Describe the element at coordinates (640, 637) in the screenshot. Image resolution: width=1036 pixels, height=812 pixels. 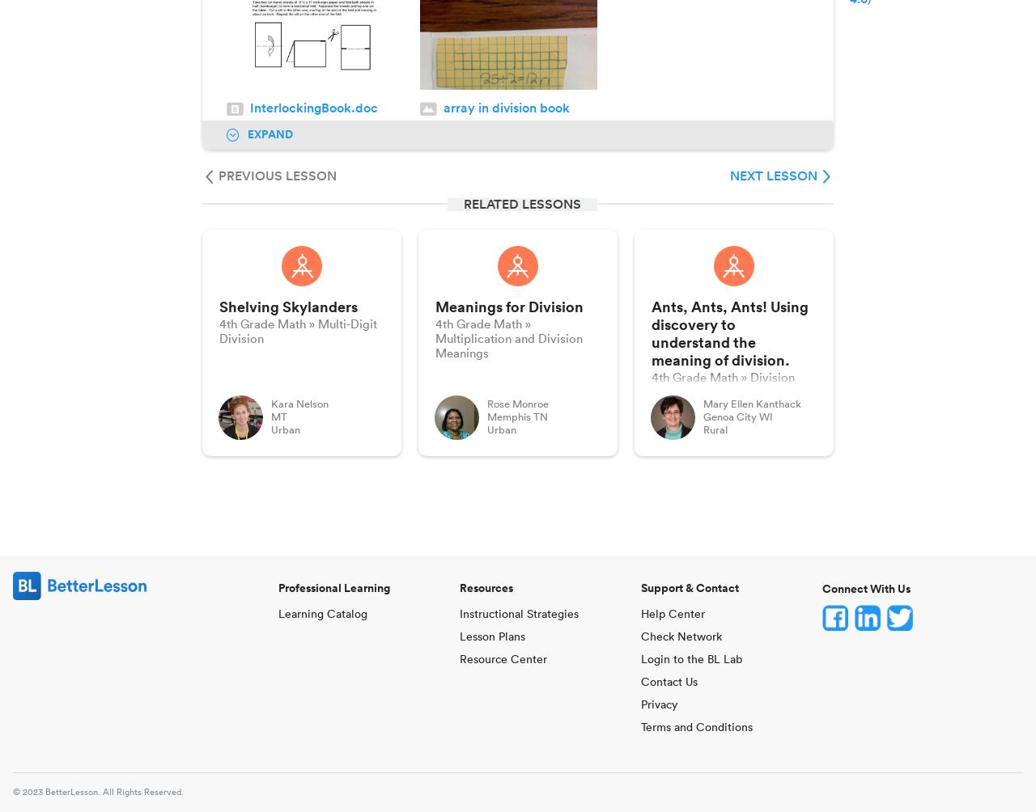
I see `'Check Network'` at that location.